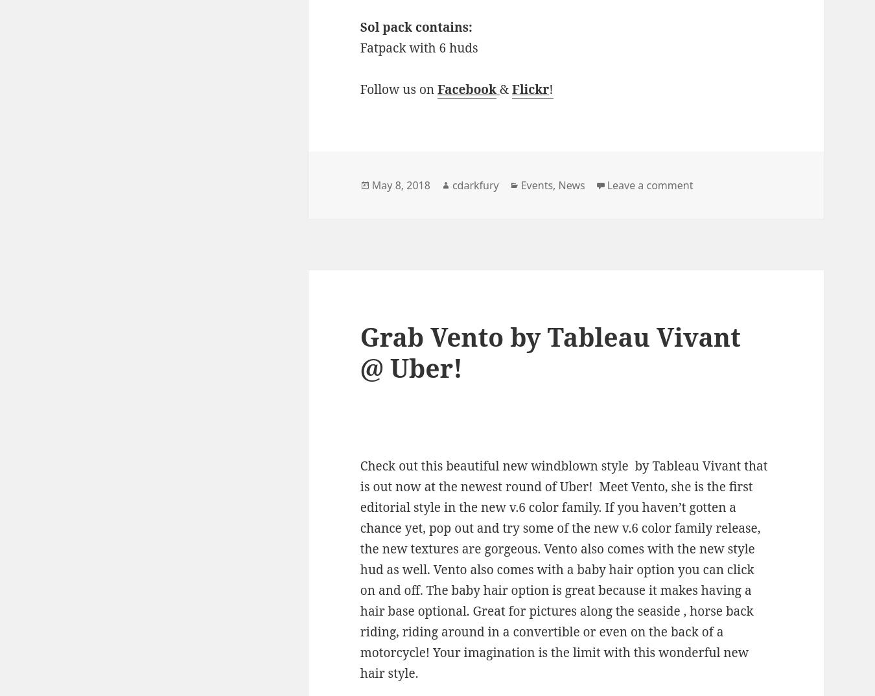  I want to click on 'Sol pack contains:', so click(415, 26).